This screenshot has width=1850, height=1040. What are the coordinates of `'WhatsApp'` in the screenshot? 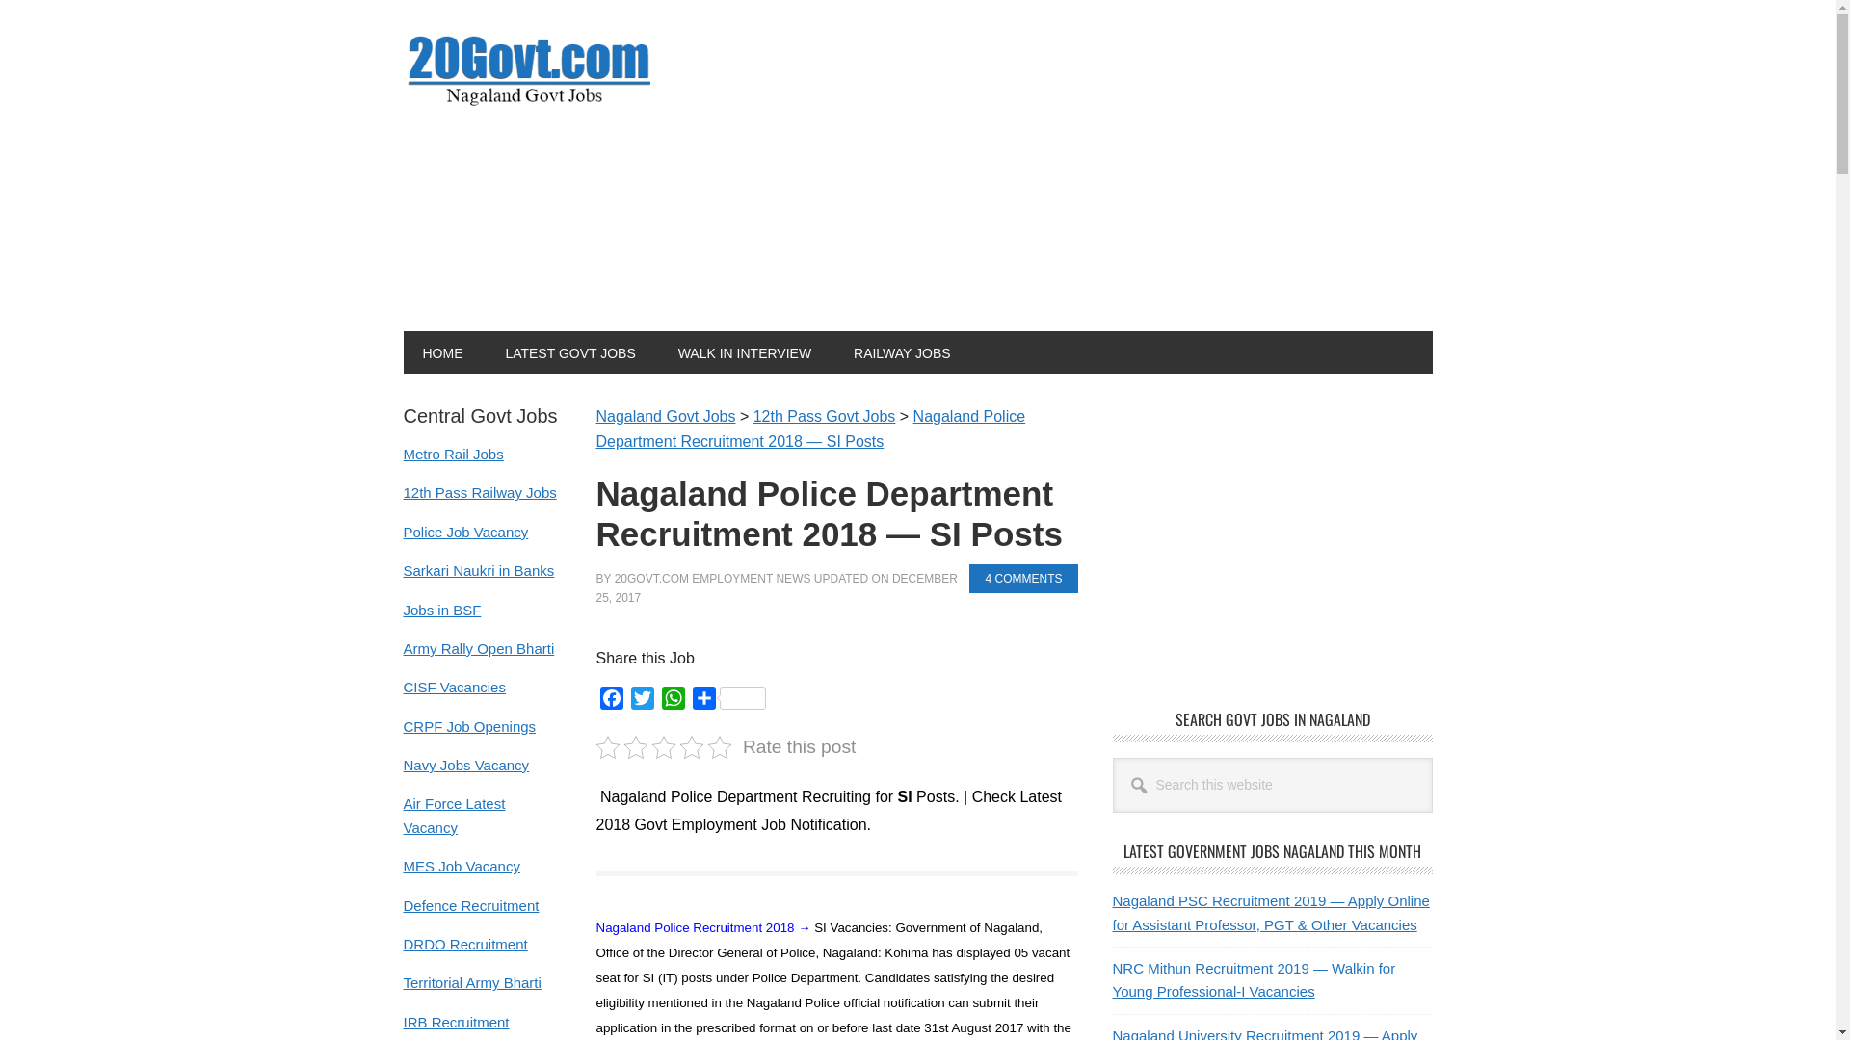 It's located at (672, 701).